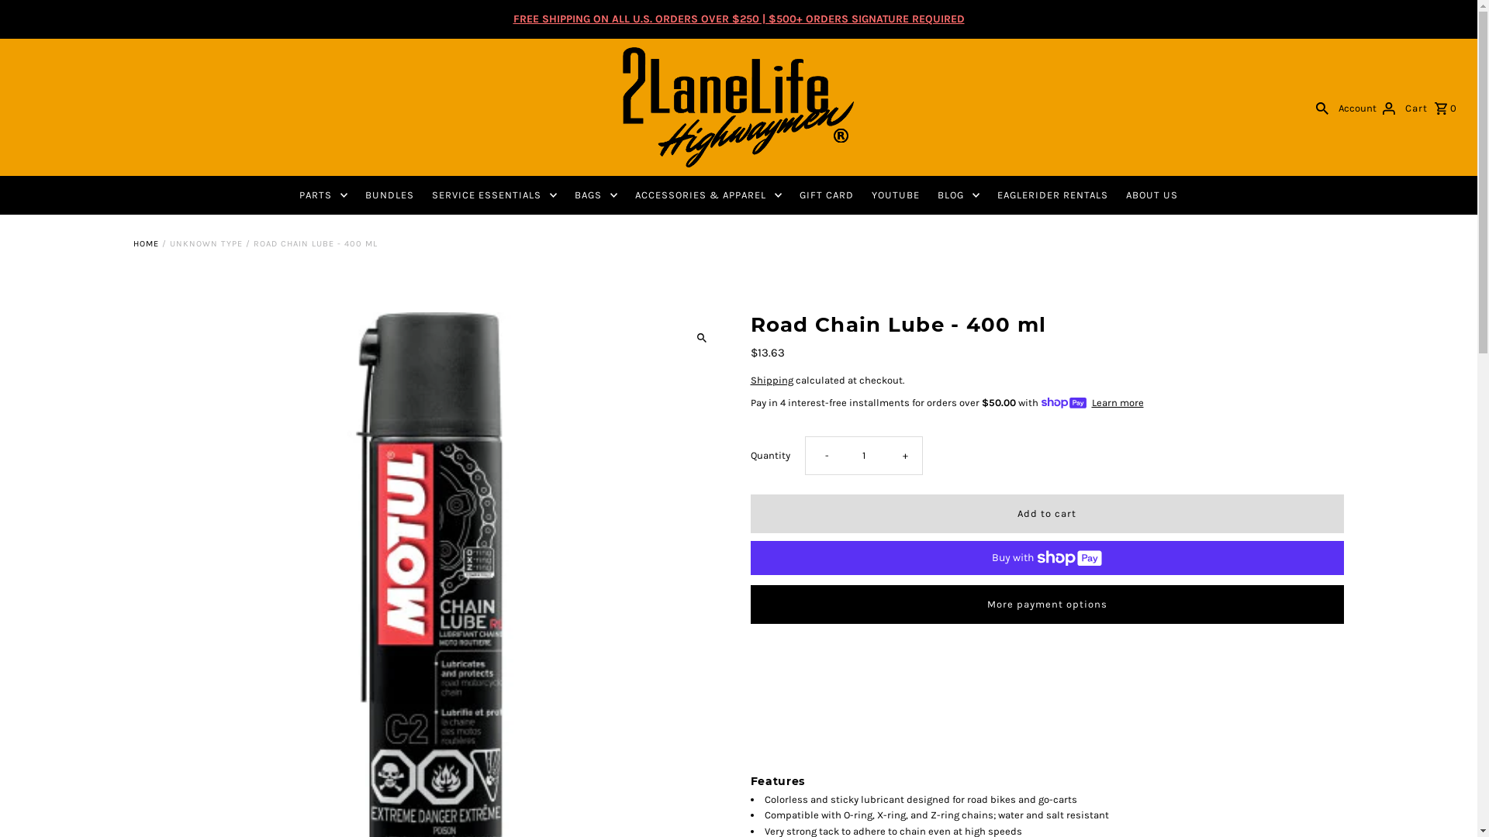  What do you see at coordinates (595, 194) in the screenshot?
I see `'BAGS'` at bounding box center [595, 194].